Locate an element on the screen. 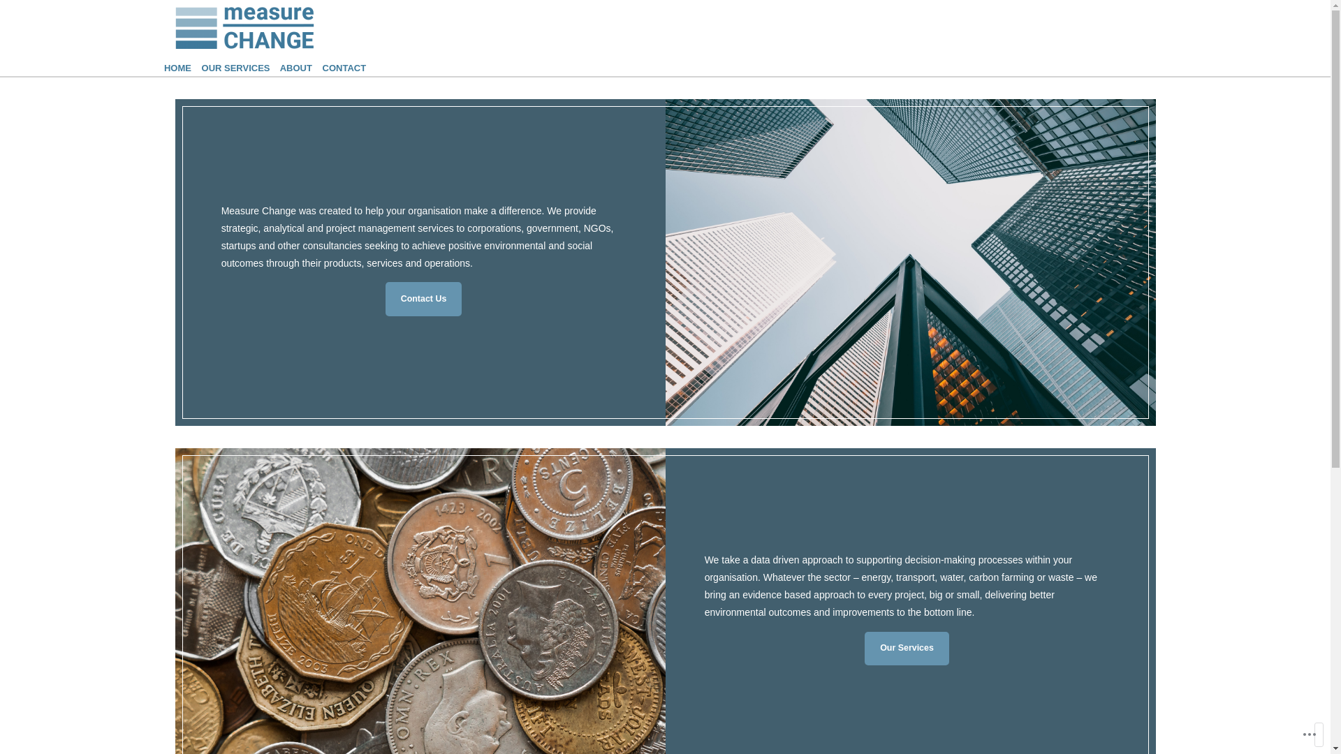 This screenshot has height=754, width=1341. 'CONTACT' is located at coordinates (344, 68).